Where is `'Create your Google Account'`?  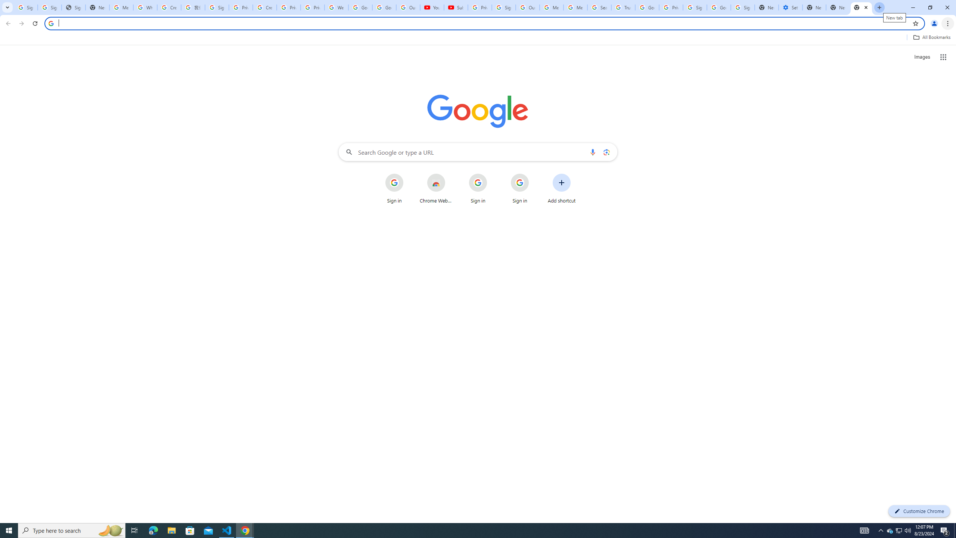 'Create your Google Account' is located at coordinates (265, 7).